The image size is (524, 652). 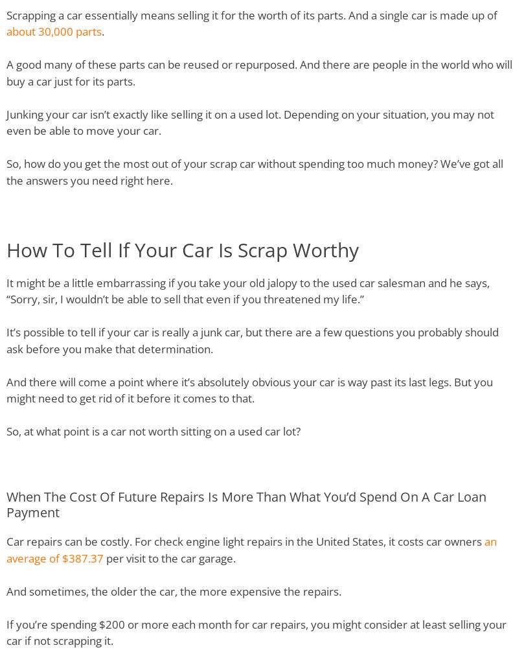 I want to click on 'Scrapping a car essentially means selling it for the worth of its parts. And a single car is made up of', so click(x=251, y=14).